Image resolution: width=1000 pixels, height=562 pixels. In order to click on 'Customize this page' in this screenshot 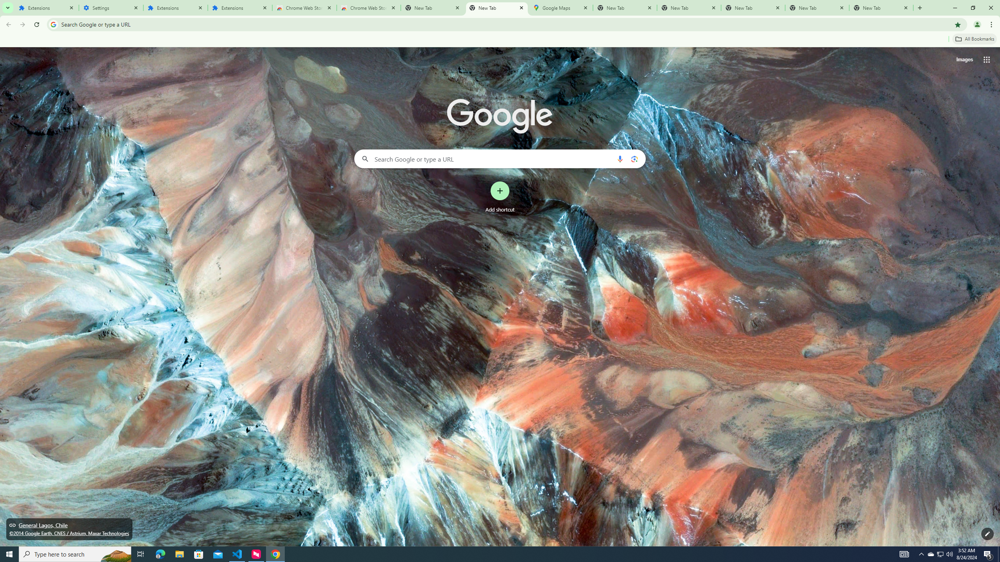, I will do `click(987, 534)`.